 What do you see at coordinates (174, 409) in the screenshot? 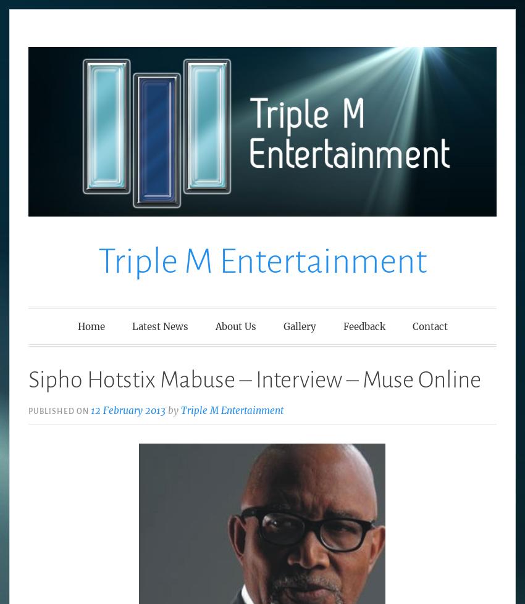
I see `'by'` at bounding box center [174, 409].